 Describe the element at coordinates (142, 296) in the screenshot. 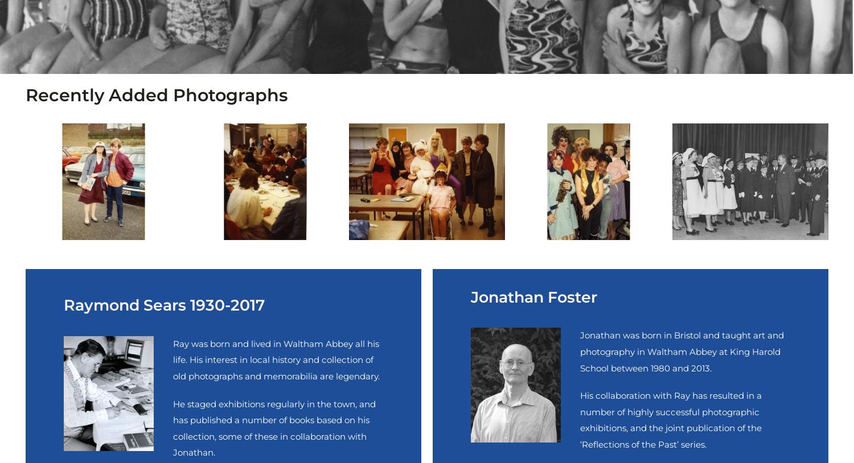

I see `'Terms and Conditions'` at that location.